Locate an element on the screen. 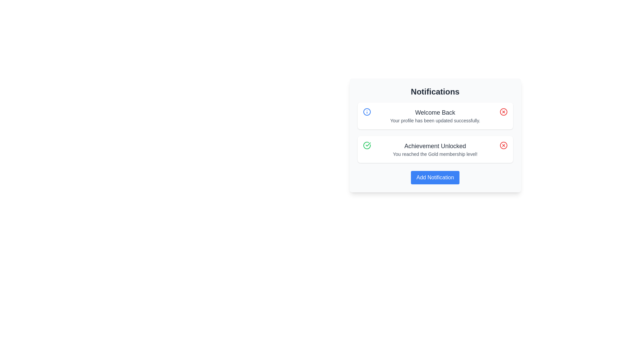 Image resolution: width=643 pixels, height=362 pixels. the informational SVG graphic element located in the upper-right corner of the 'Notification' card, next to the 'Welcome Back' text for reading is located at coordinates (366, 112).